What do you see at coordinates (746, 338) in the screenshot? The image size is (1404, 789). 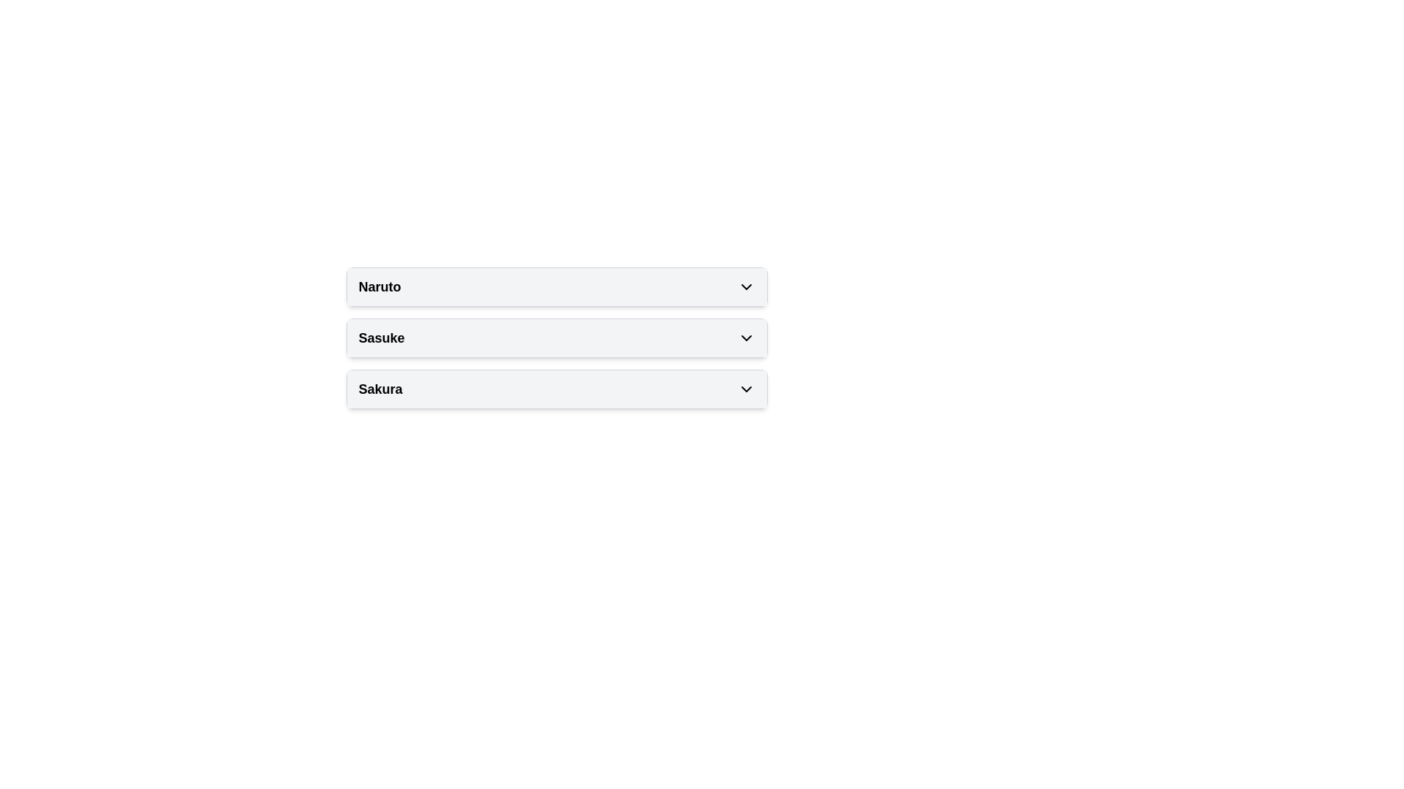 I see `the Chevron icon located to the far right of the 'Sasuke' section` at bounding box center [746, 338].